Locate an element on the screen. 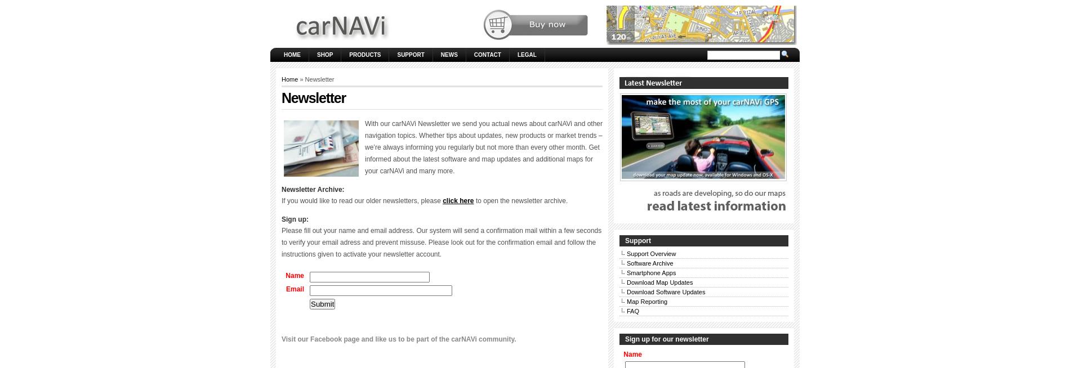  'Contact' is located at coordinates (487, 54).